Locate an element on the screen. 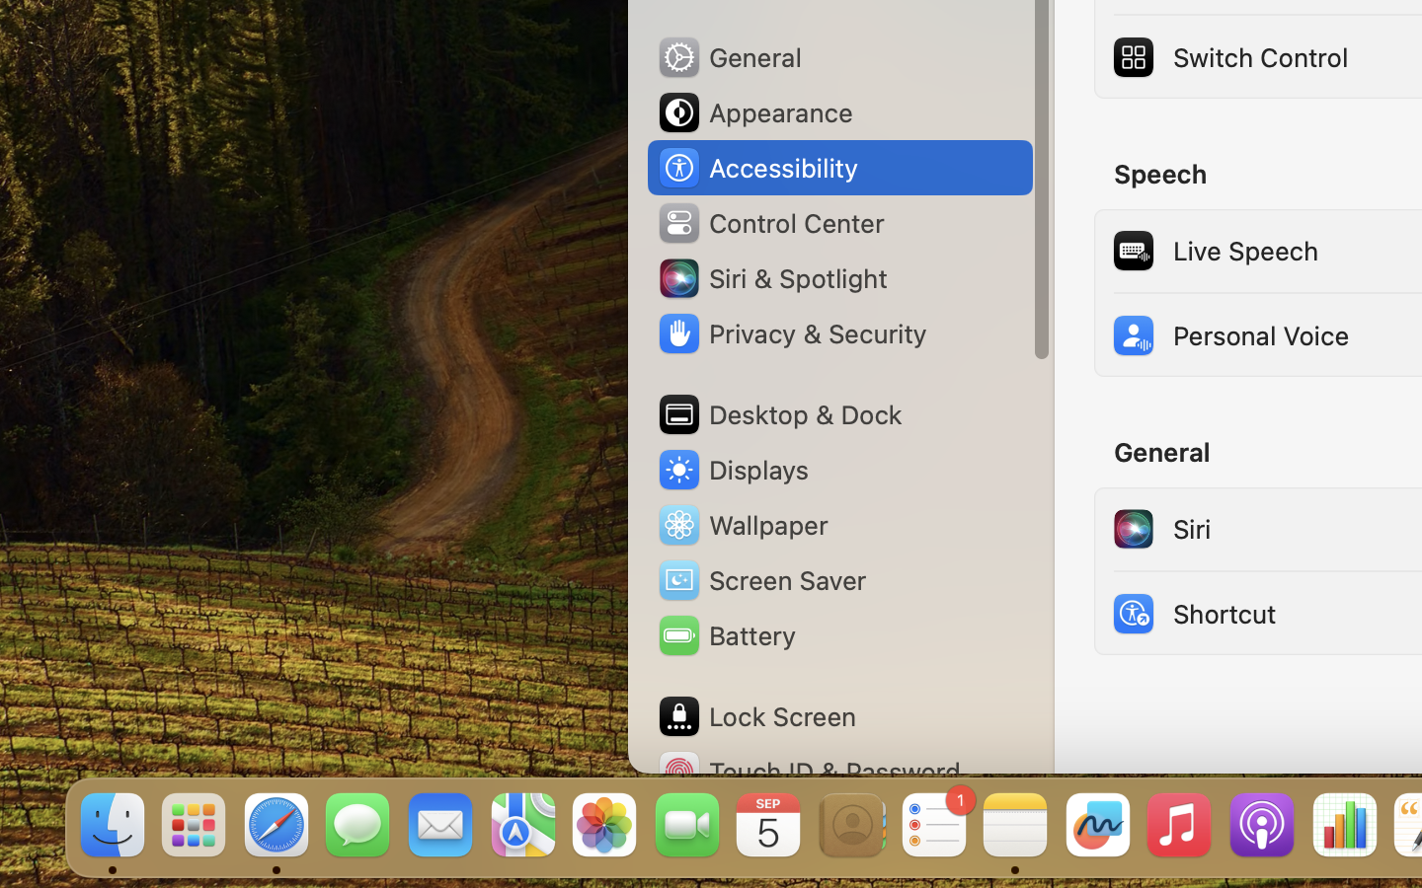  'Accessibility' is located at coordinates (755, 168).